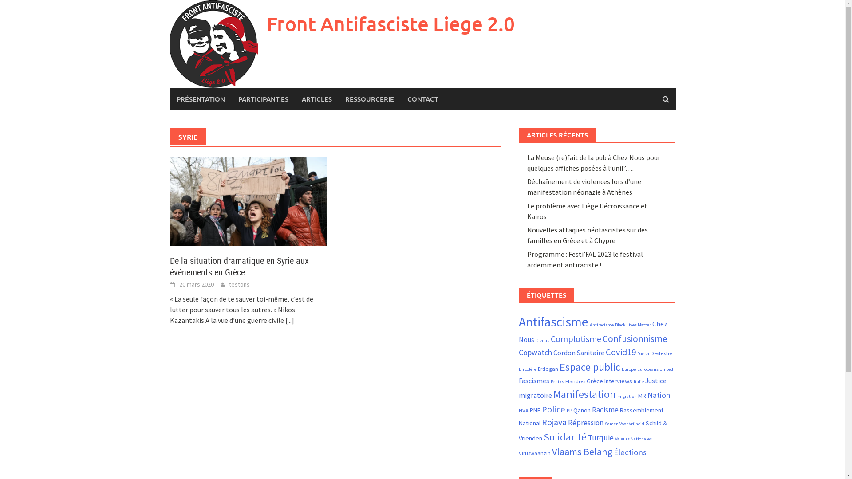 The height and width of the screenshot is (479, 852). What do you see at coordinates (534, 453) in the screenshot?
I see `'Viruswaanzin'` at bounding box center [534, 453].